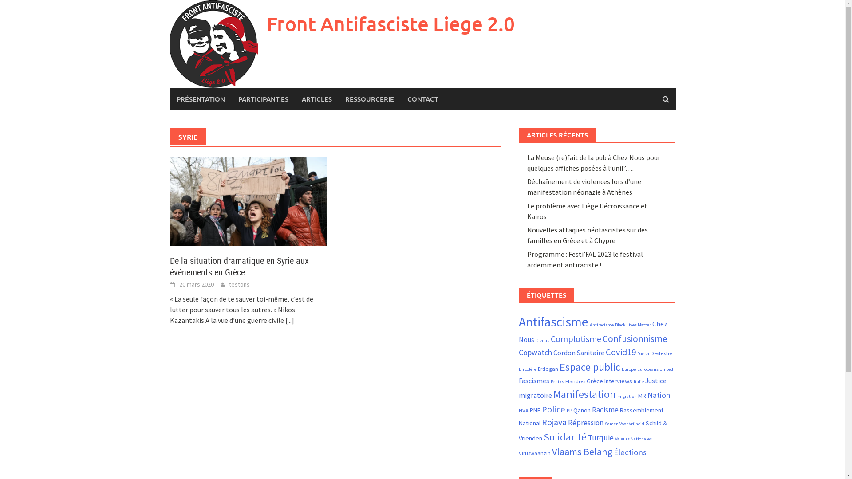 The height and width of the screenshot is (479, 852). What do you see at coordinates (534, 453) in the screenshot?
I see `'Viruswaanzin'` at bounding box center [534, 453].